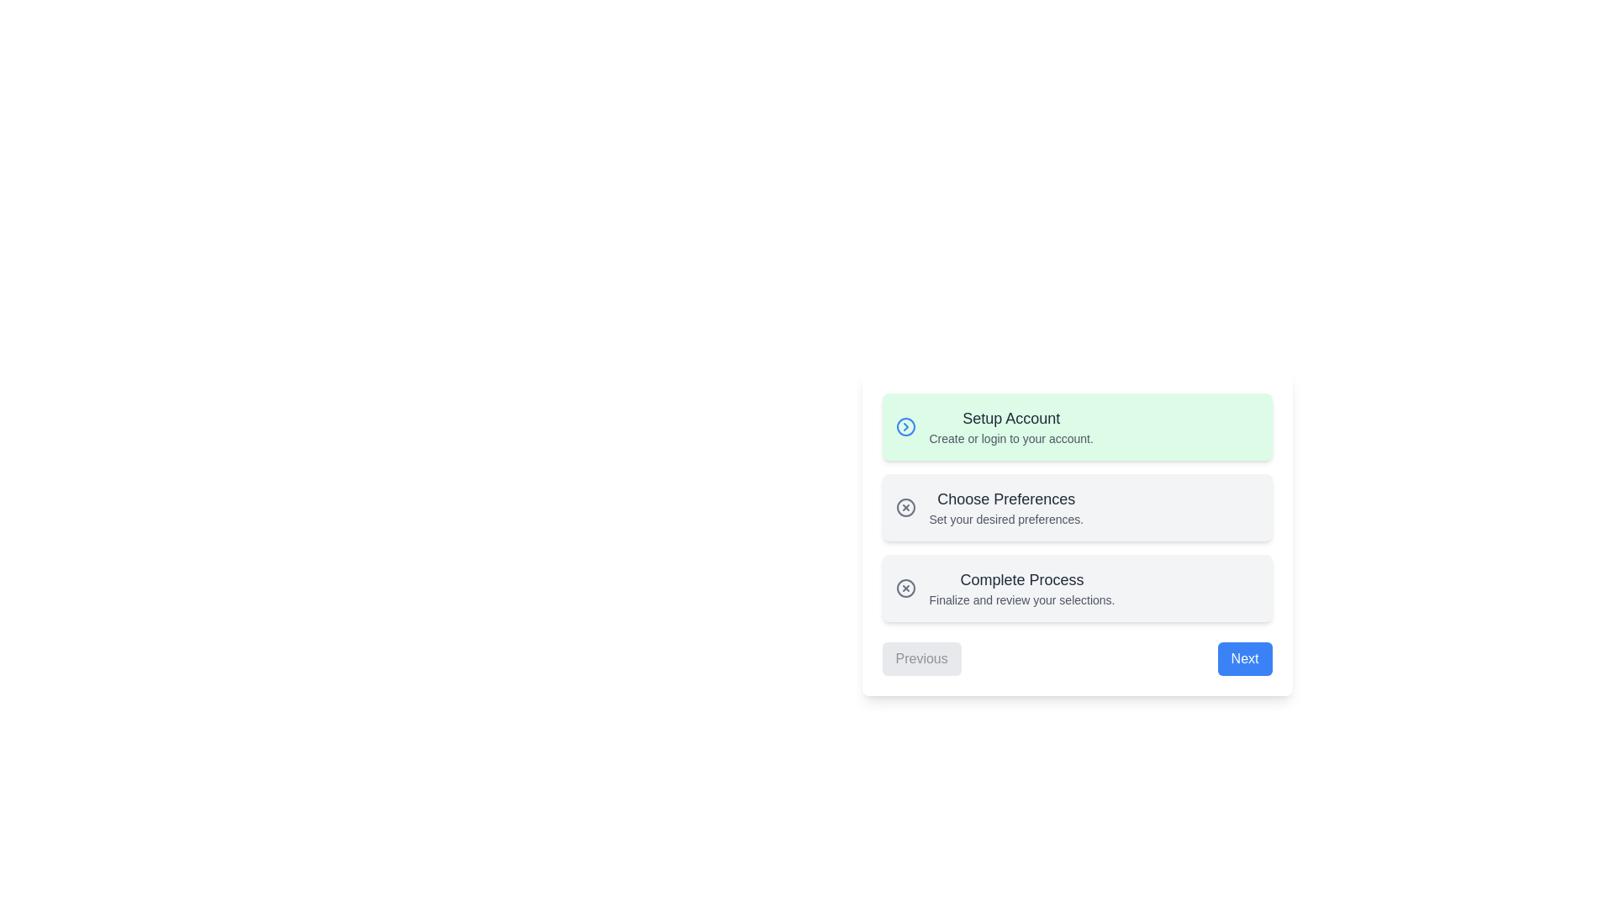  Describe the element at coordinates (905, 587) in the screenshot. I see `the step indicator circle in the third step of the vertical list labeled 'Complete Process', which represents the 'Finalize and review your selections' section` at that location.